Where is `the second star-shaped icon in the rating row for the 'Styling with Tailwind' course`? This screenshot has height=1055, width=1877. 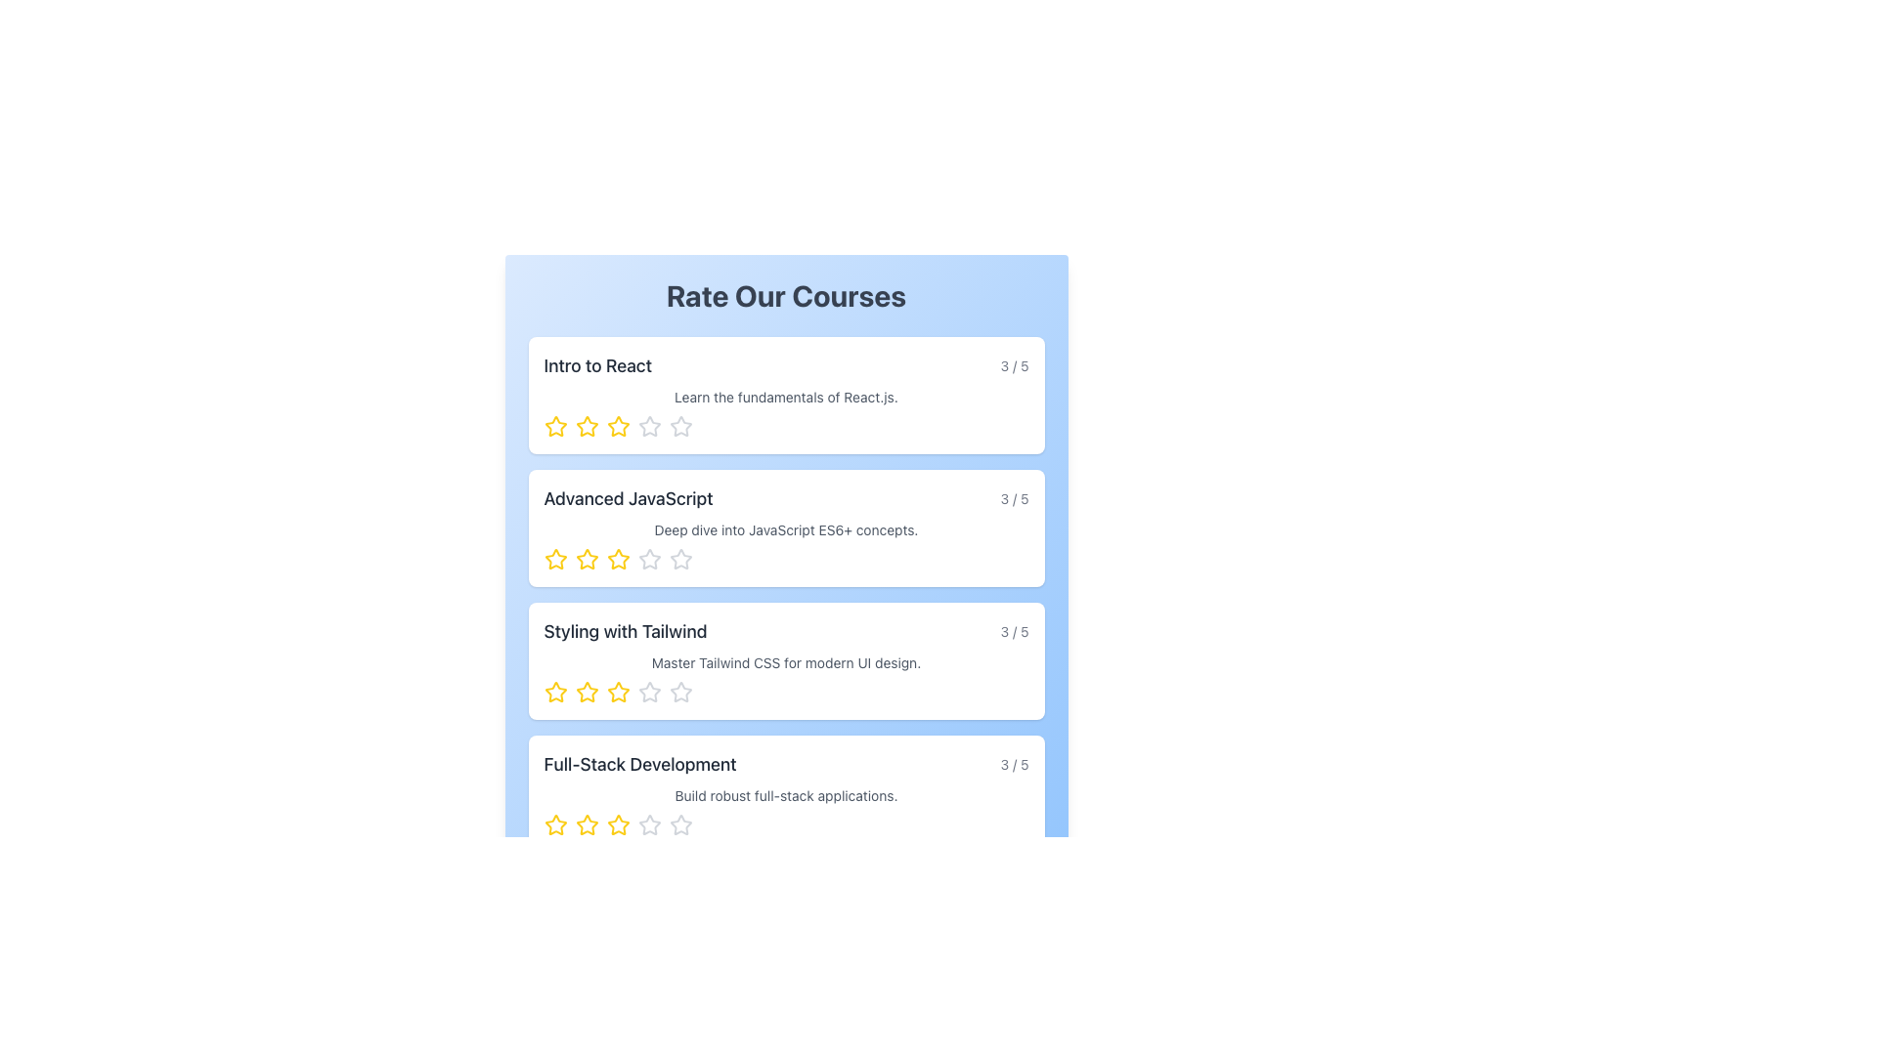 the second star-shaped icon in the rating row for the 'Styling with Tailwind' course is located at coordinates (586, 692).